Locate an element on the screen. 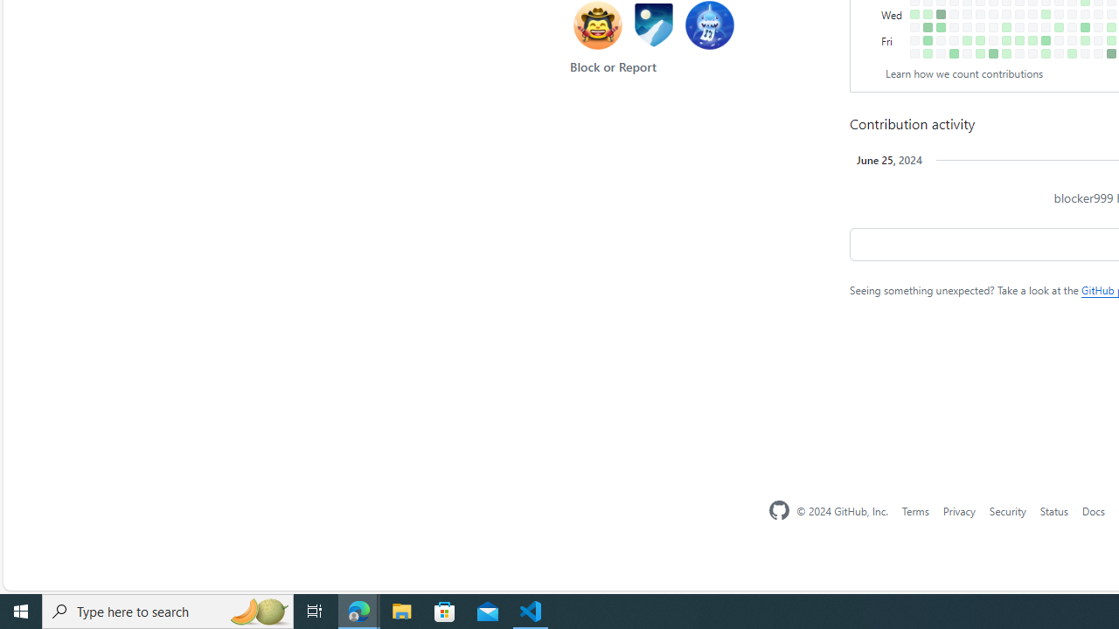  '2 contributions on February 24th.' is located at coordinates (1006, 52).